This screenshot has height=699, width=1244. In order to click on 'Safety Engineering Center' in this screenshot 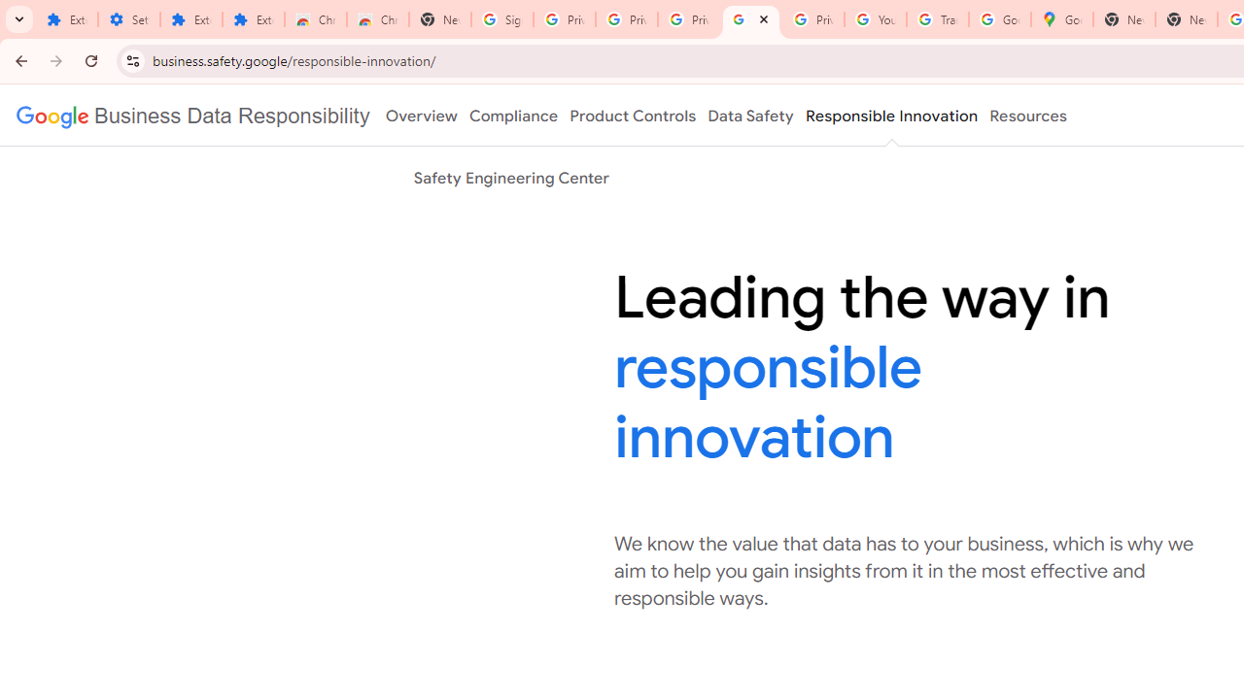, I will do `click(511, 178)`.